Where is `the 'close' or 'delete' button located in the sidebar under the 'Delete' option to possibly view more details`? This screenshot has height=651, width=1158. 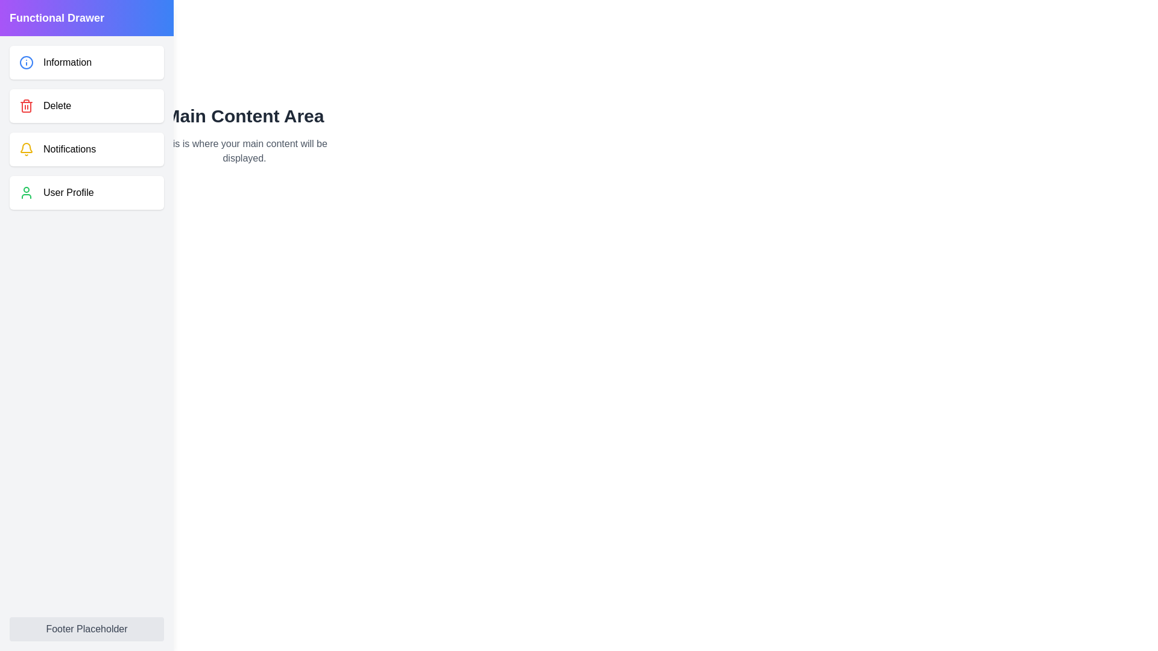 the 'close' or 'delete' button located in the sidebar under the 'Delete' option to possibly view more details is located at coordinates (139, 104).